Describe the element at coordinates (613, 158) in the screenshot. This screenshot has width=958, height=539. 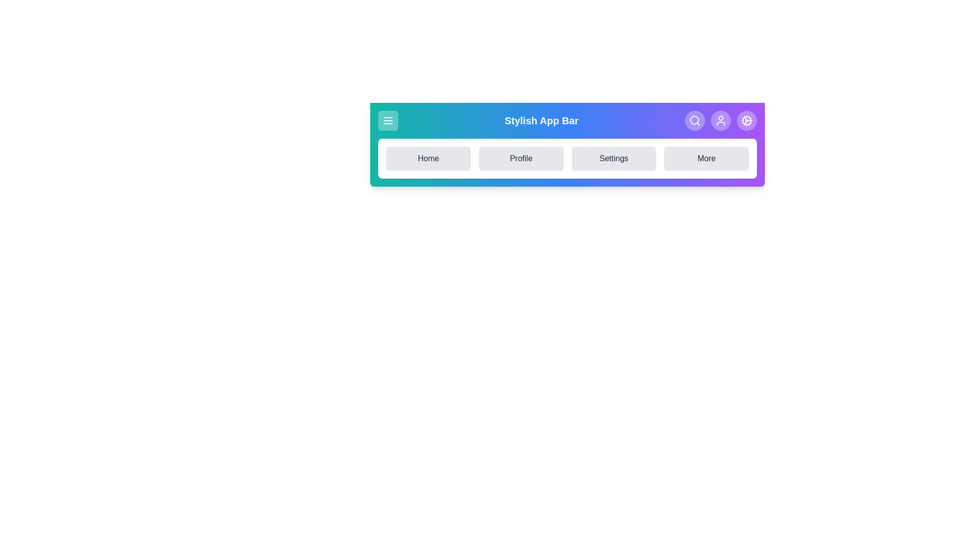
I see `the Settings navigation option` at that location.